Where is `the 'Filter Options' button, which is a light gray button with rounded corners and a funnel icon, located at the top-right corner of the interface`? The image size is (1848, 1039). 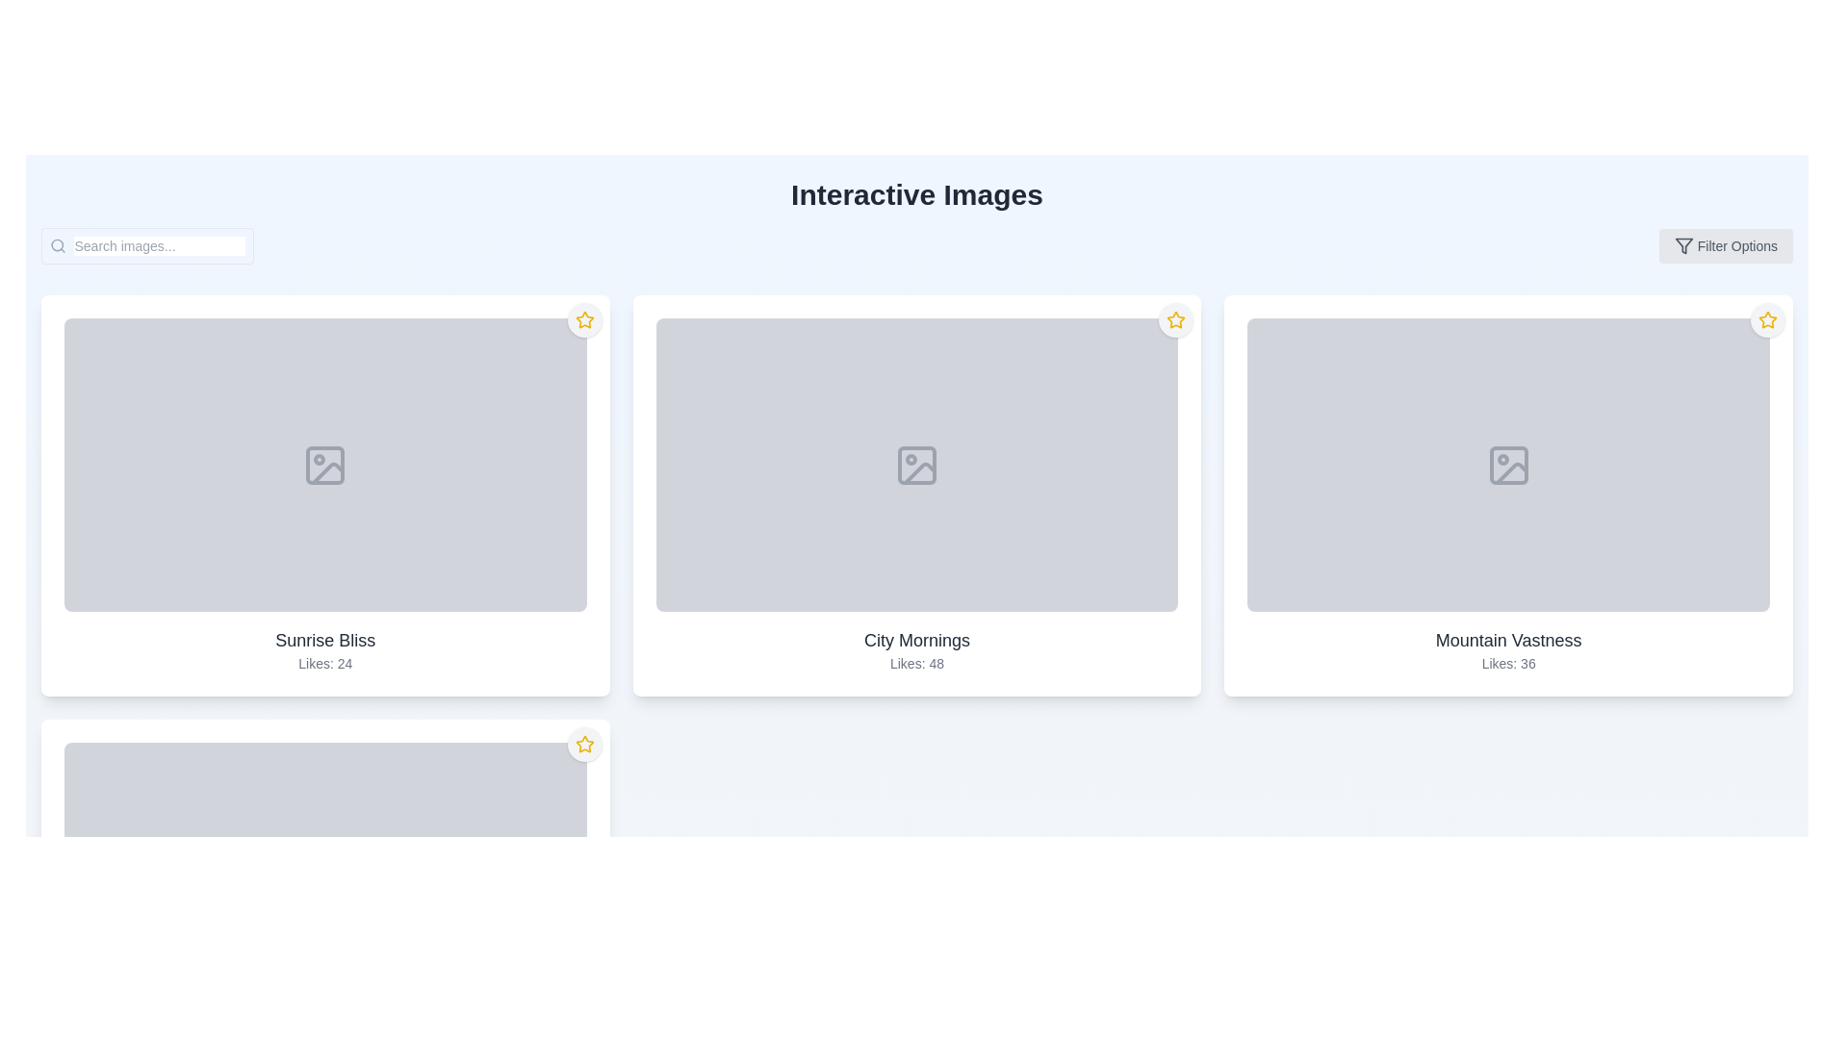
the 'Filter Options' button, which is a light gray button with rounded corners and a funnel icon, located at the top-right corner of the interface is located at coordinates (1726, 244).